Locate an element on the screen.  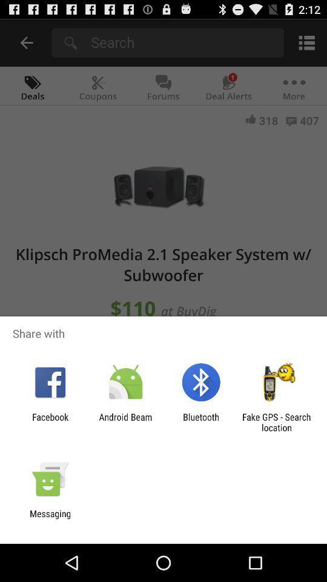
the fake gps search item is located at coordinates (276, 422).